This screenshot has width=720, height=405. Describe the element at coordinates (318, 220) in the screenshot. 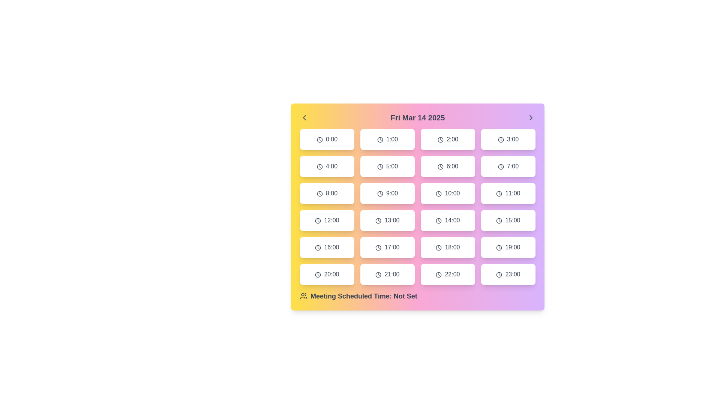

I see `the small circular clock icon with a gray outline located to the left of the text '12:00' in the tile beneath 'Fri Mar 14 2025'` at that location.